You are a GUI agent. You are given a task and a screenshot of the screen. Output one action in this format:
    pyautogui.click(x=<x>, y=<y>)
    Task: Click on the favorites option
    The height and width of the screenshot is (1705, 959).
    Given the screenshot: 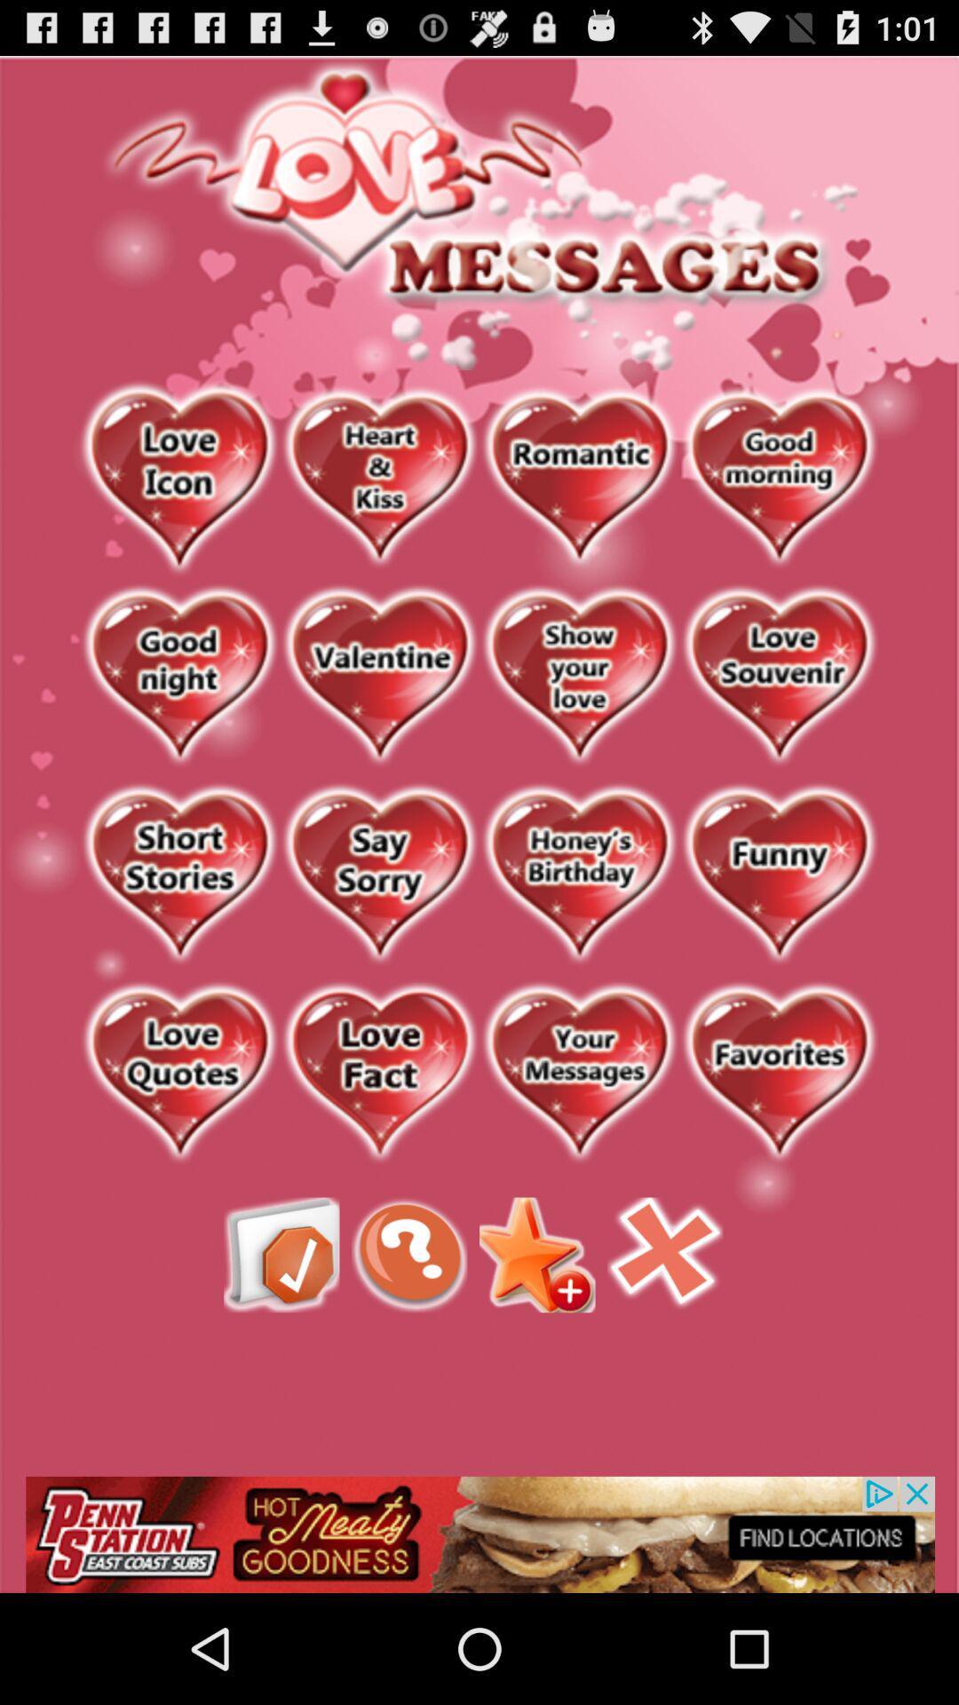 What is the action you would take?
    pyautogui.click(x=778, y=1073)
    